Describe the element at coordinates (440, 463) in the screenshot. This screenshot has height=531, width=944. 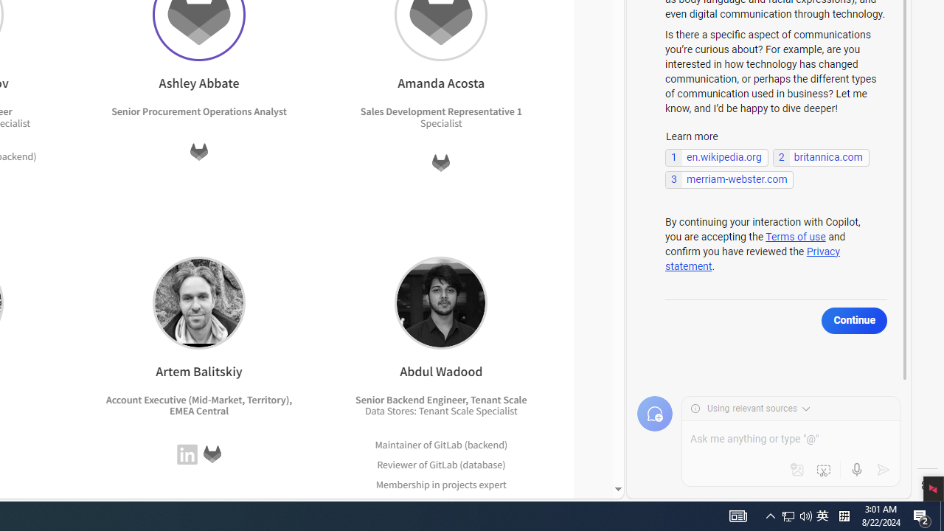
I see `'Reviewer of GitLab (database)'` at that location.